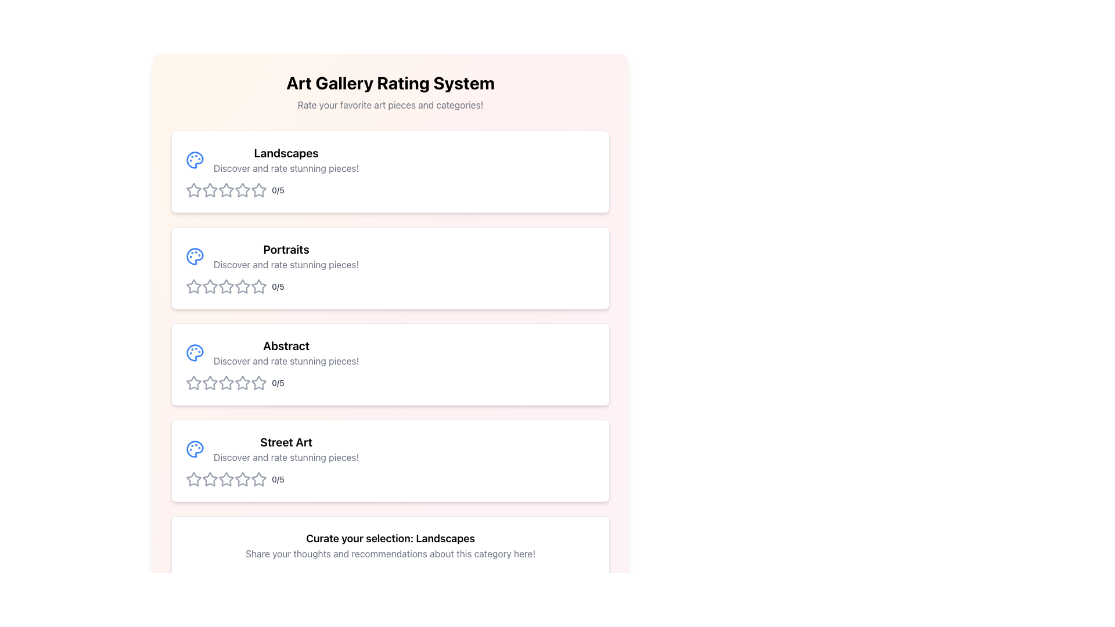 The height and width of the screenshot is (627, 1115). What do you see at coordinates (210, 383) in the screenshot?
I see `the first star icon from the left in the row of five stars within the 'Abstract' section` at bounding box center [210, 383].